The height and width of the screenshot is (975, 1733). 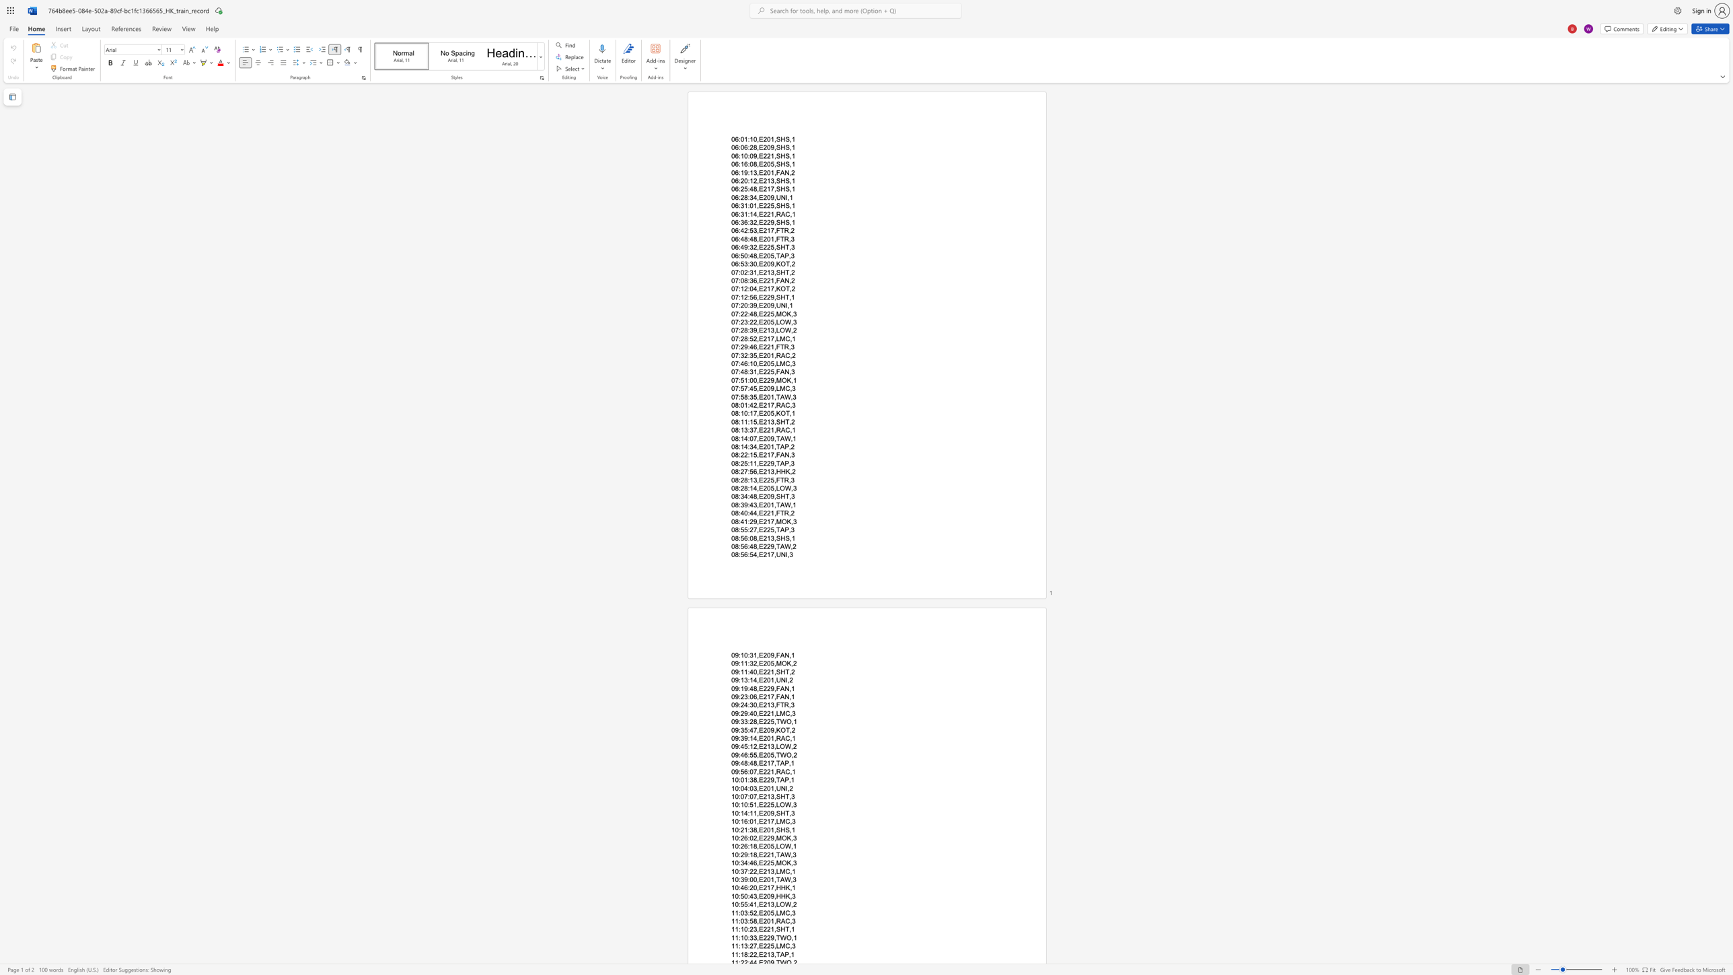 What do you see at coordinates (747, 196) in the screenshot?
I see `the space between the continuous character "8" and ":" in the text` at bounding box center [747, 196].